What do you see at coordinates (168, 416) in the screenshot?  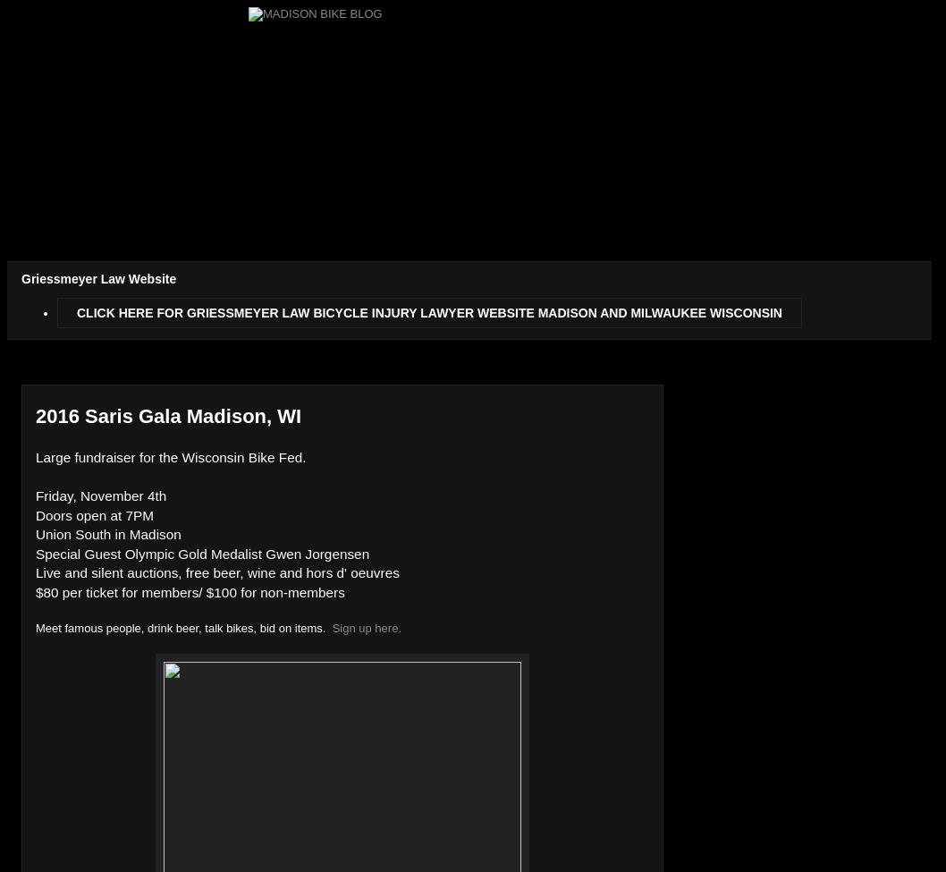 I see `'2016 Saris Gala Madison, WI'` at bounding box center [168, 416].